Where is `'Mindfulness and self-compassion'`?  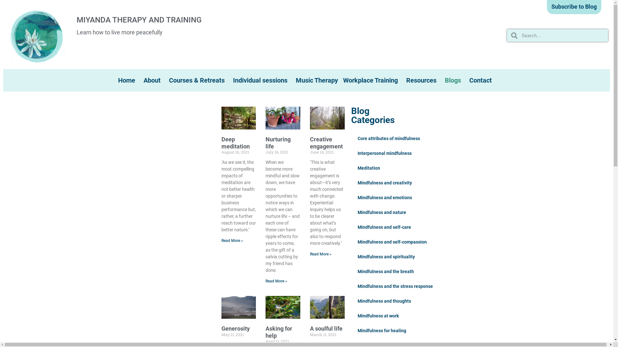 'Mindfulness and self-compassion' is located at coordinates (351, 242).